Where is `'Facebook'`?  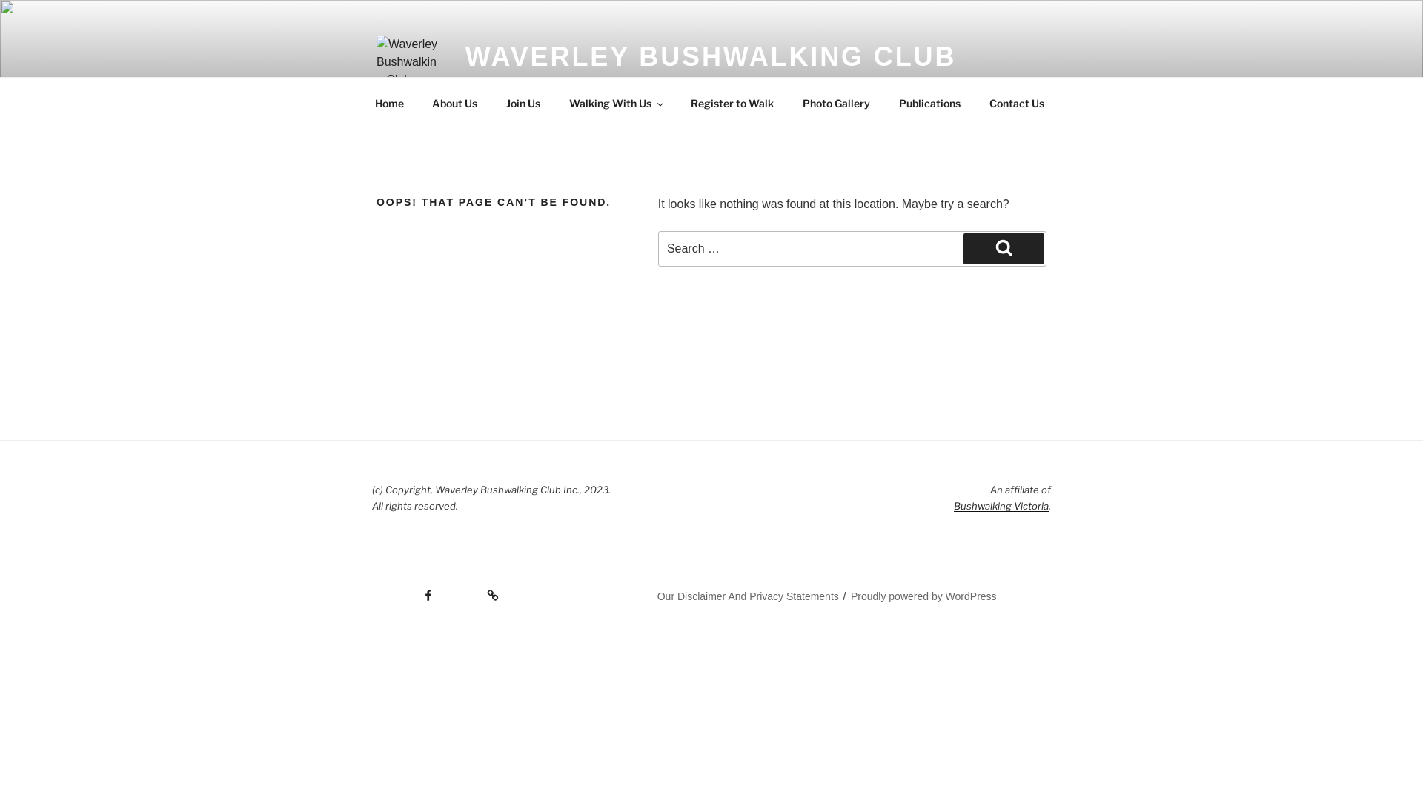
'Facebook' is located at coordinates (372, 590).